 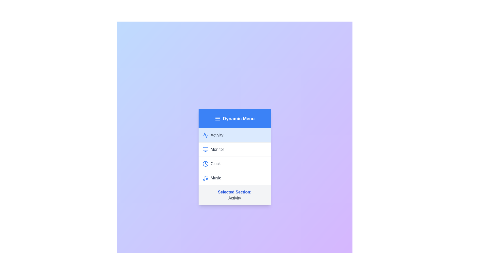 I want to click on the menu item Music to observe the hover effect, so click(x=234, y=178).